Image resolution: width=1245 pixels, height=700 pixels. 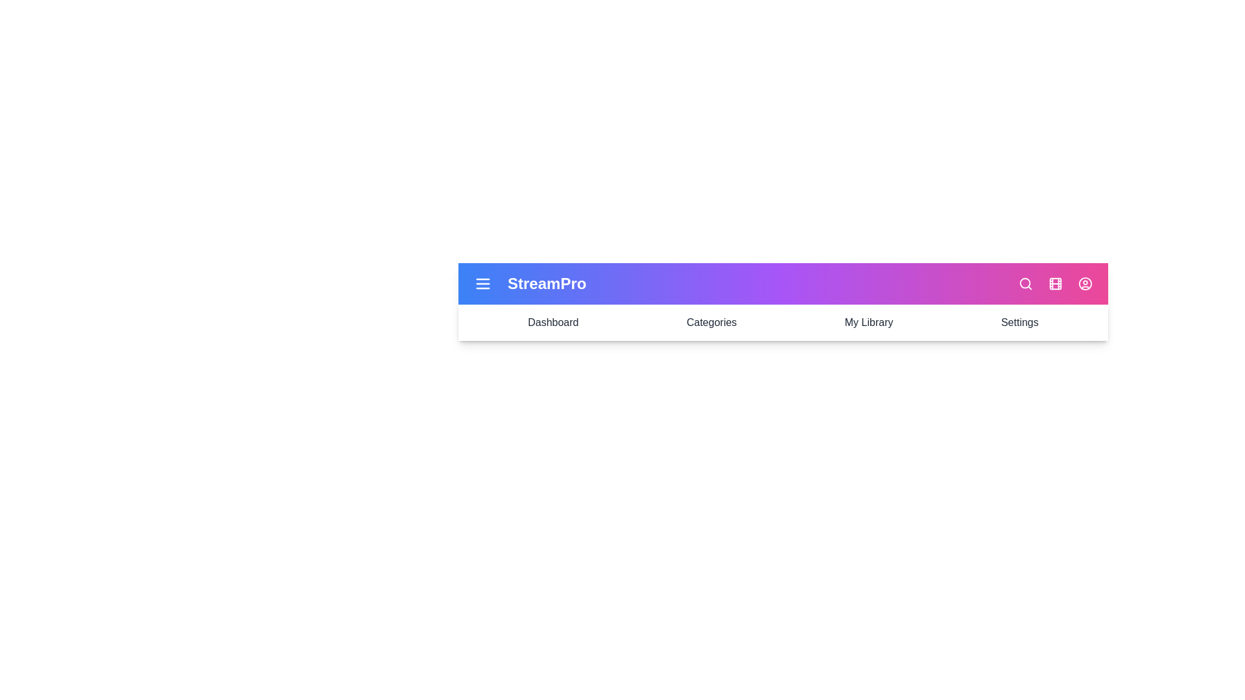 What do you see at coordinates (711, 321) in the screenshot?
I see `the Categories navigation section` at bounding box center [711, 321].